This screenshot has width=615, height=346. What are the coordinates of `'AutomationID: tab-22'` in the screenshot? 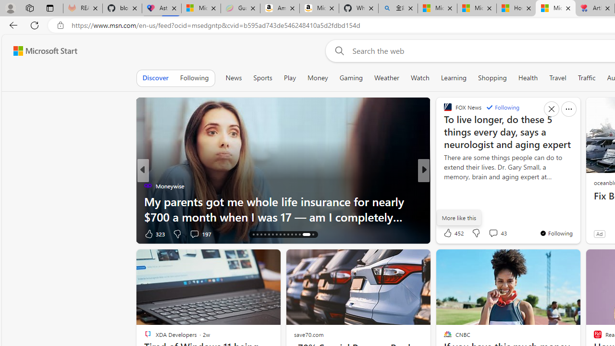 It's located at (276, 235).